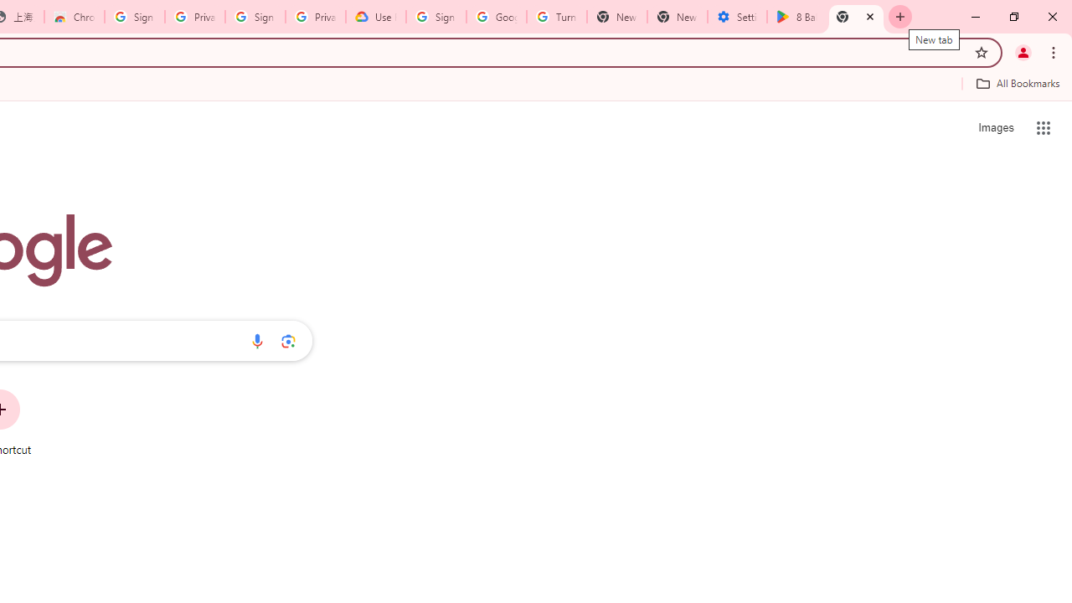 This screenshot has height=603, width=1072. I want to click on 'All Bookmarks', so click(1017, 83).